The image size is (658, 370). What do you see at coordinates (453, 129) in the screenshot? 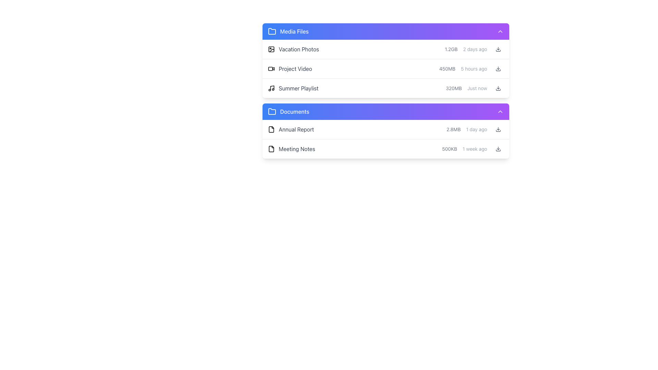
I see `the static text indicating the file size value for the 'Annual Report' file entry, which is located in the second panel labeled 'Documents', positioned to the right of the file title and to the left of the '1 day ago' timestamp` at bounding box center [453, 129].